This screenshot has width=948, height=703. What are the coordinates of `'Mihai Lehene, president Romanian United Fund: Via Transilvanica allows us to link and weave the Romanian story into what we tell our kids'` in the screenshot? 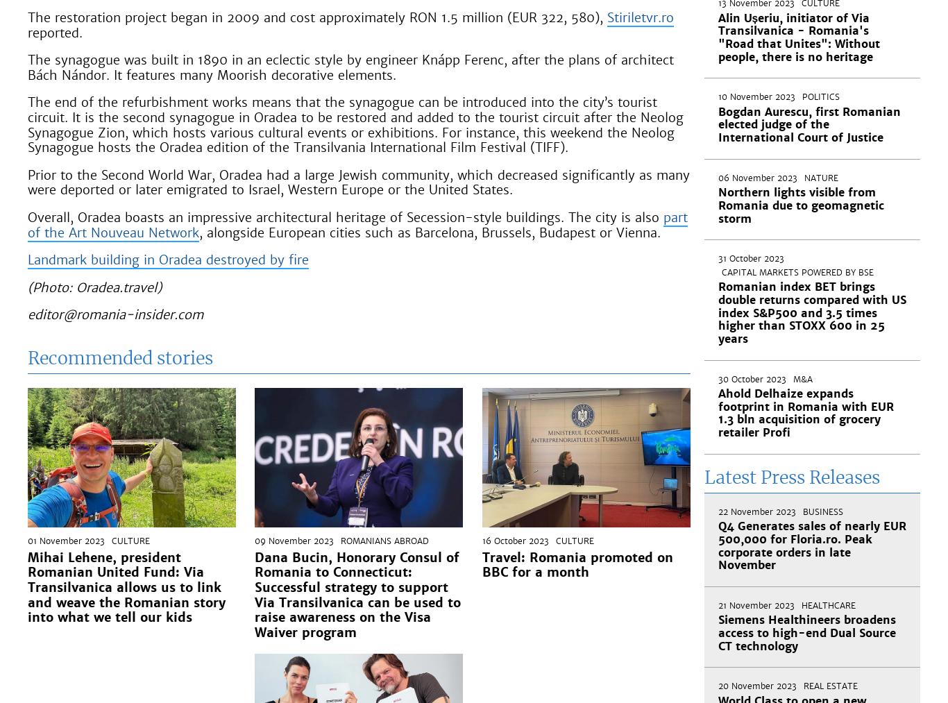 It's located at (126, 586).